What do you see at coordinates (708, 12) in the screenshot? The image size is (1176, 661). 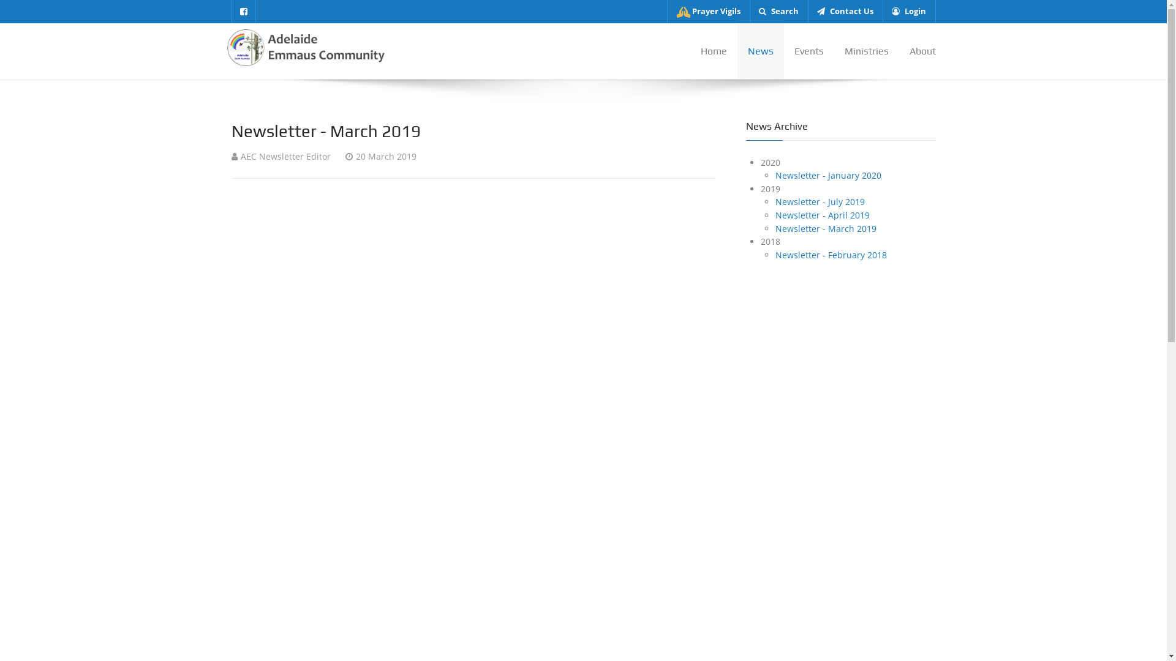 I see `'Prayer Vigils'` at bounding box center [708, 12].